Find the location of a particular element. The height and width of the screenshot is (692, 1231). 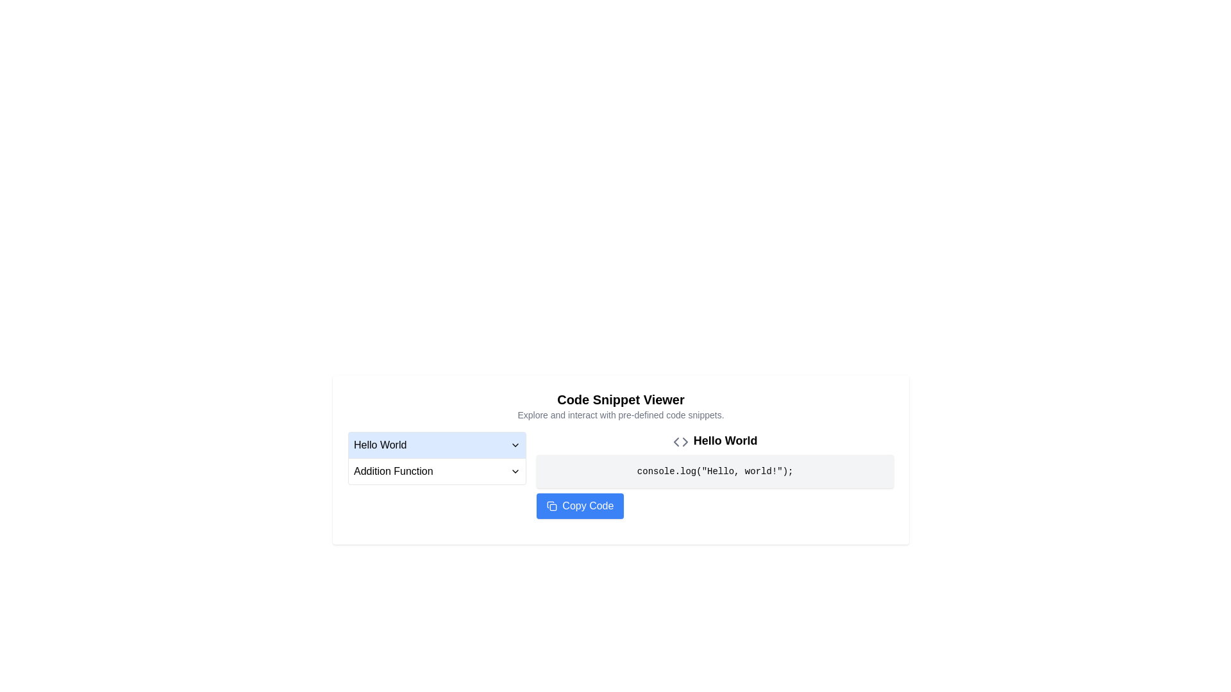

the downward-pointing chevron icon located to the right of the 'Addition Function' text is located at coordinates (515, 472).